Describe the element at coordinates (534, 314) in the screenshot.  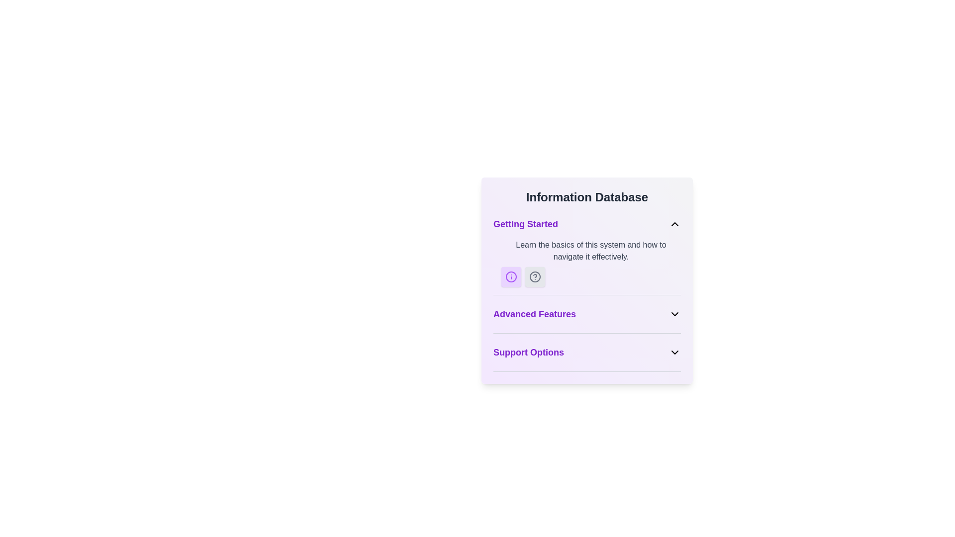
I see `the 'Advanced Features' section header text label in the Information Database, which is located below the 'Getting Started' section and above the 'Support Options' section` at that location.